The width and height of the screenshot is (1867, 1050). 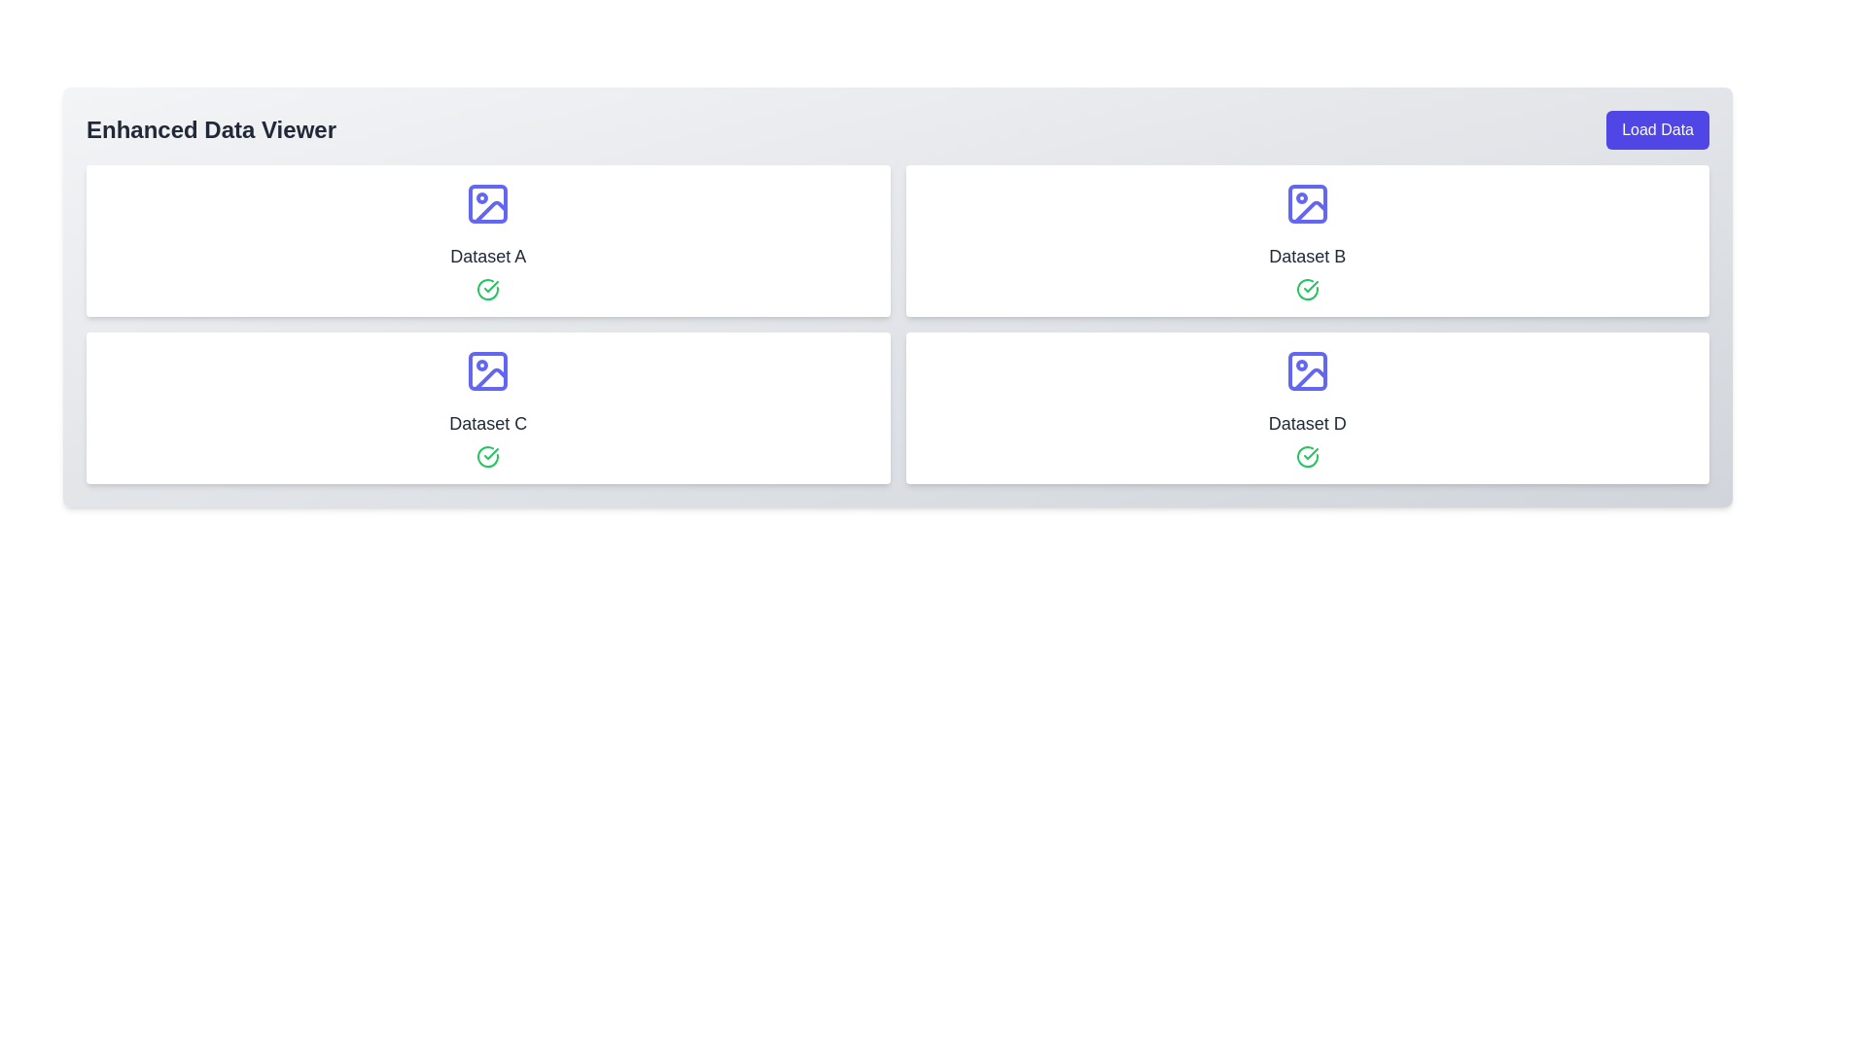 What do you see at coordinates (488, 289) in the screenshot?
I see `the circular green icon with a check mark inside, located within the content labeled 'Dataset A', positioned in the lower portion of the content box` at bounding box center [488, 289].